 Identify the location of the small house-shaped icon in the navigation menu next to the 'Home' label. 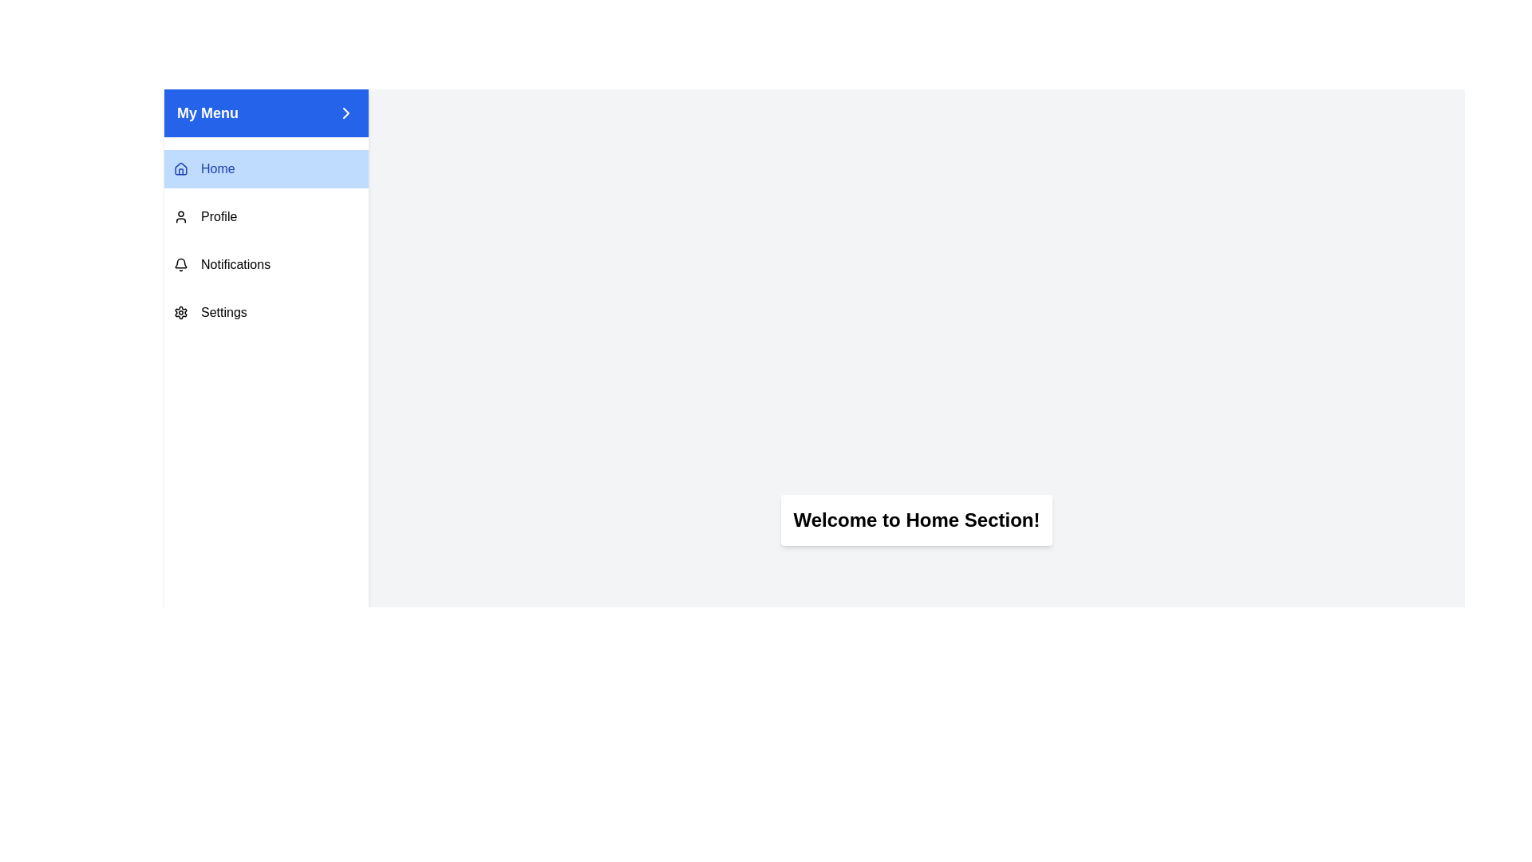
(180, 169).